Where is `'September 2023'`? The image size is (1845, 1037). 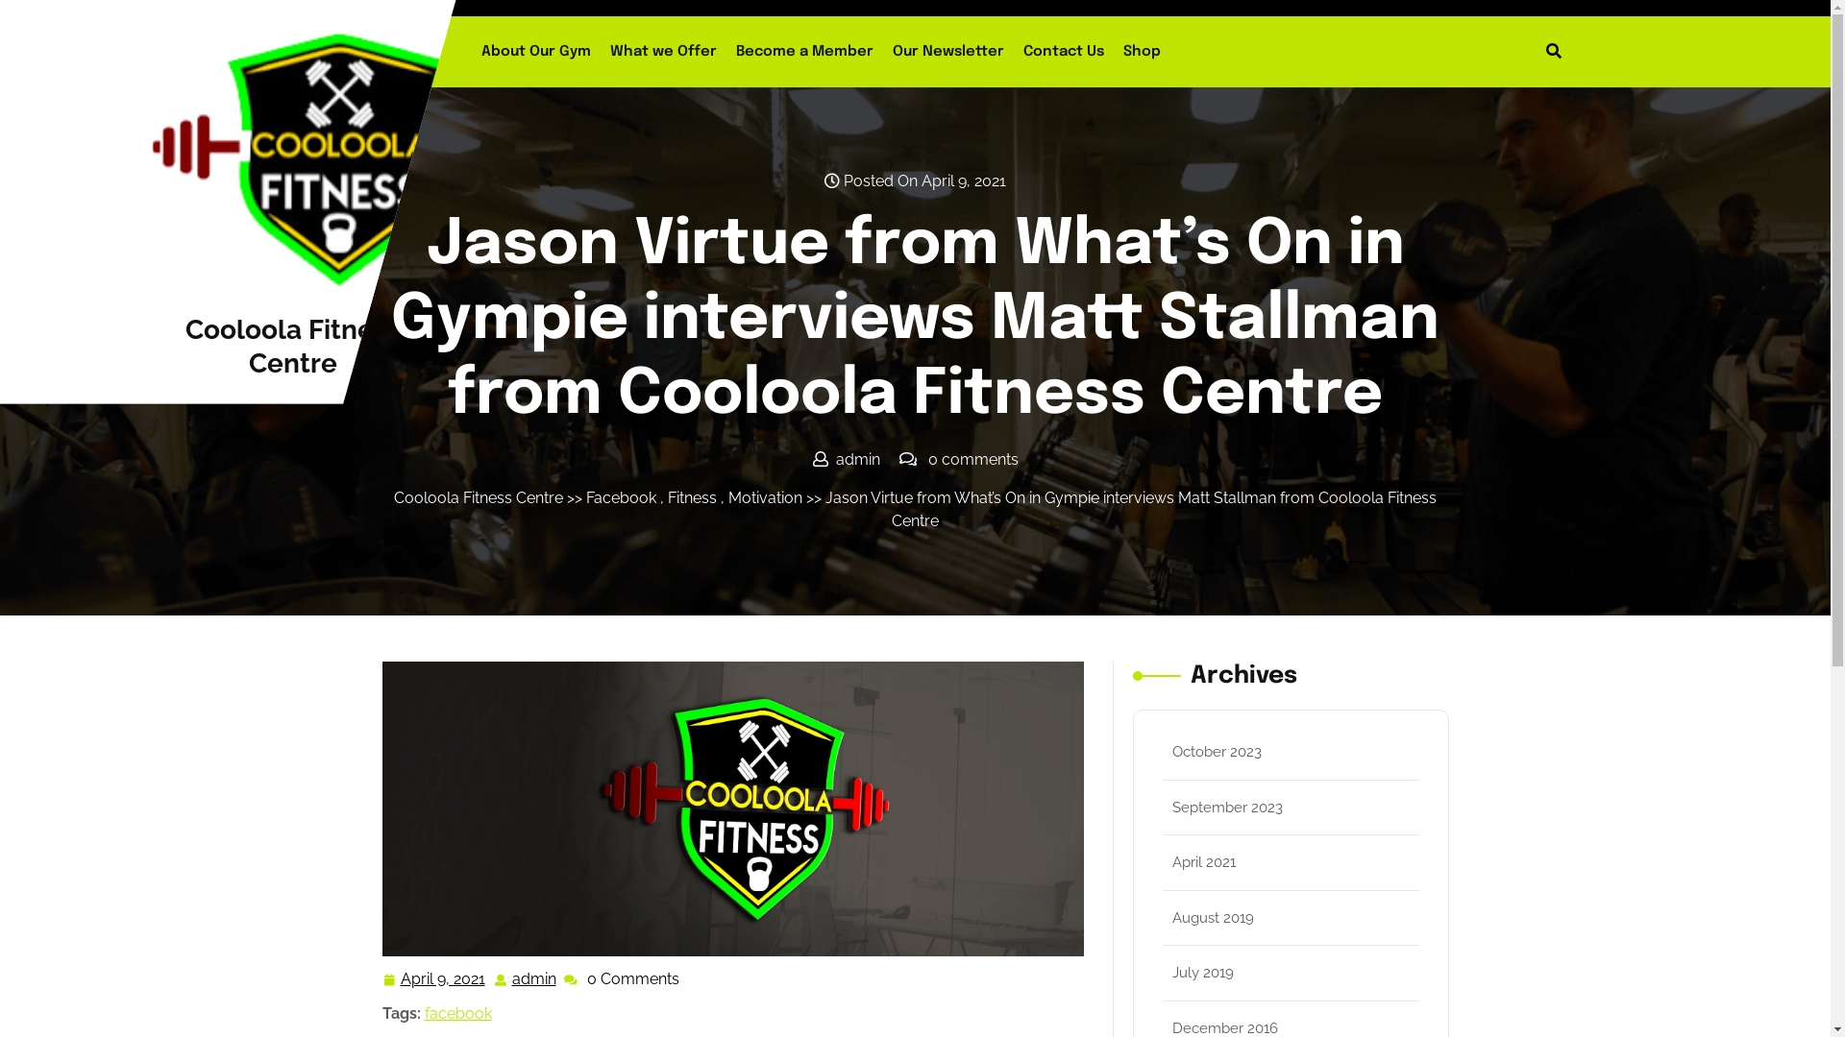 'September 2023' is located at coordinates (1170, 807).